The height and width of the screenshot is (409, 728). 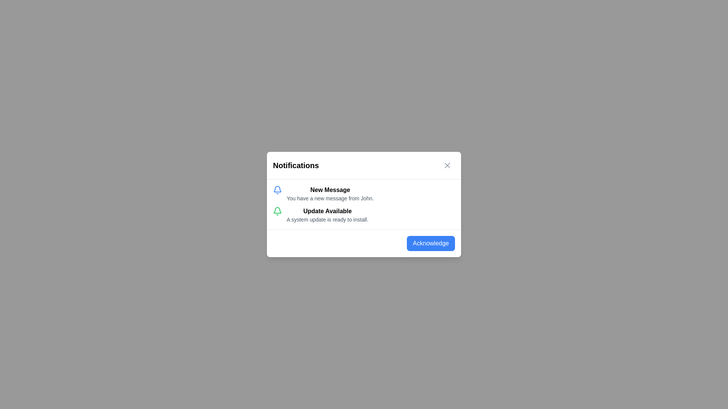 What do you see at coordinates (447, 165) in the screenshot?
I see `the close button of the notification dialog to dismiss it` at bounding box center [447, 165].